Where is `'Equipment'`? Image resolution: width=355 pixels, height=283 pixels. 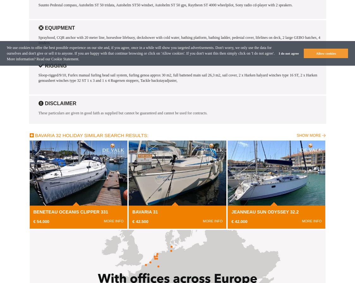
'Equipment' is located at coordinates (58, 28).